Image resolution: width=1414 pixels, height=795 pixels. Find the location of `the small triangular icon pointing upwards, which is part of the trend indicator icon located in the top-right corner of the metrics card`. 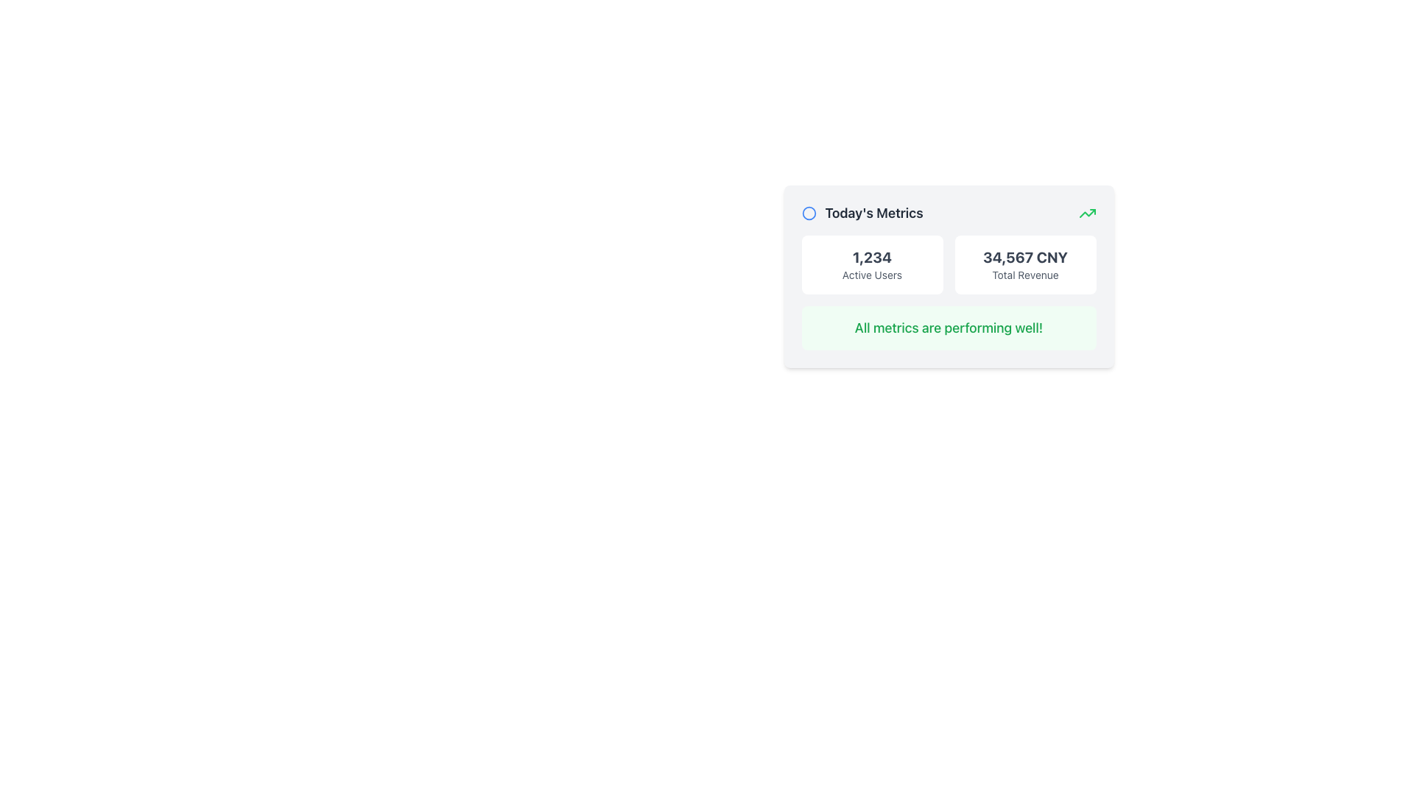

the small triangular icon pointing upwards, which is part of the trend indicator icon located in the top-right corner of the metrics card is located at coordinates (1087, 213).